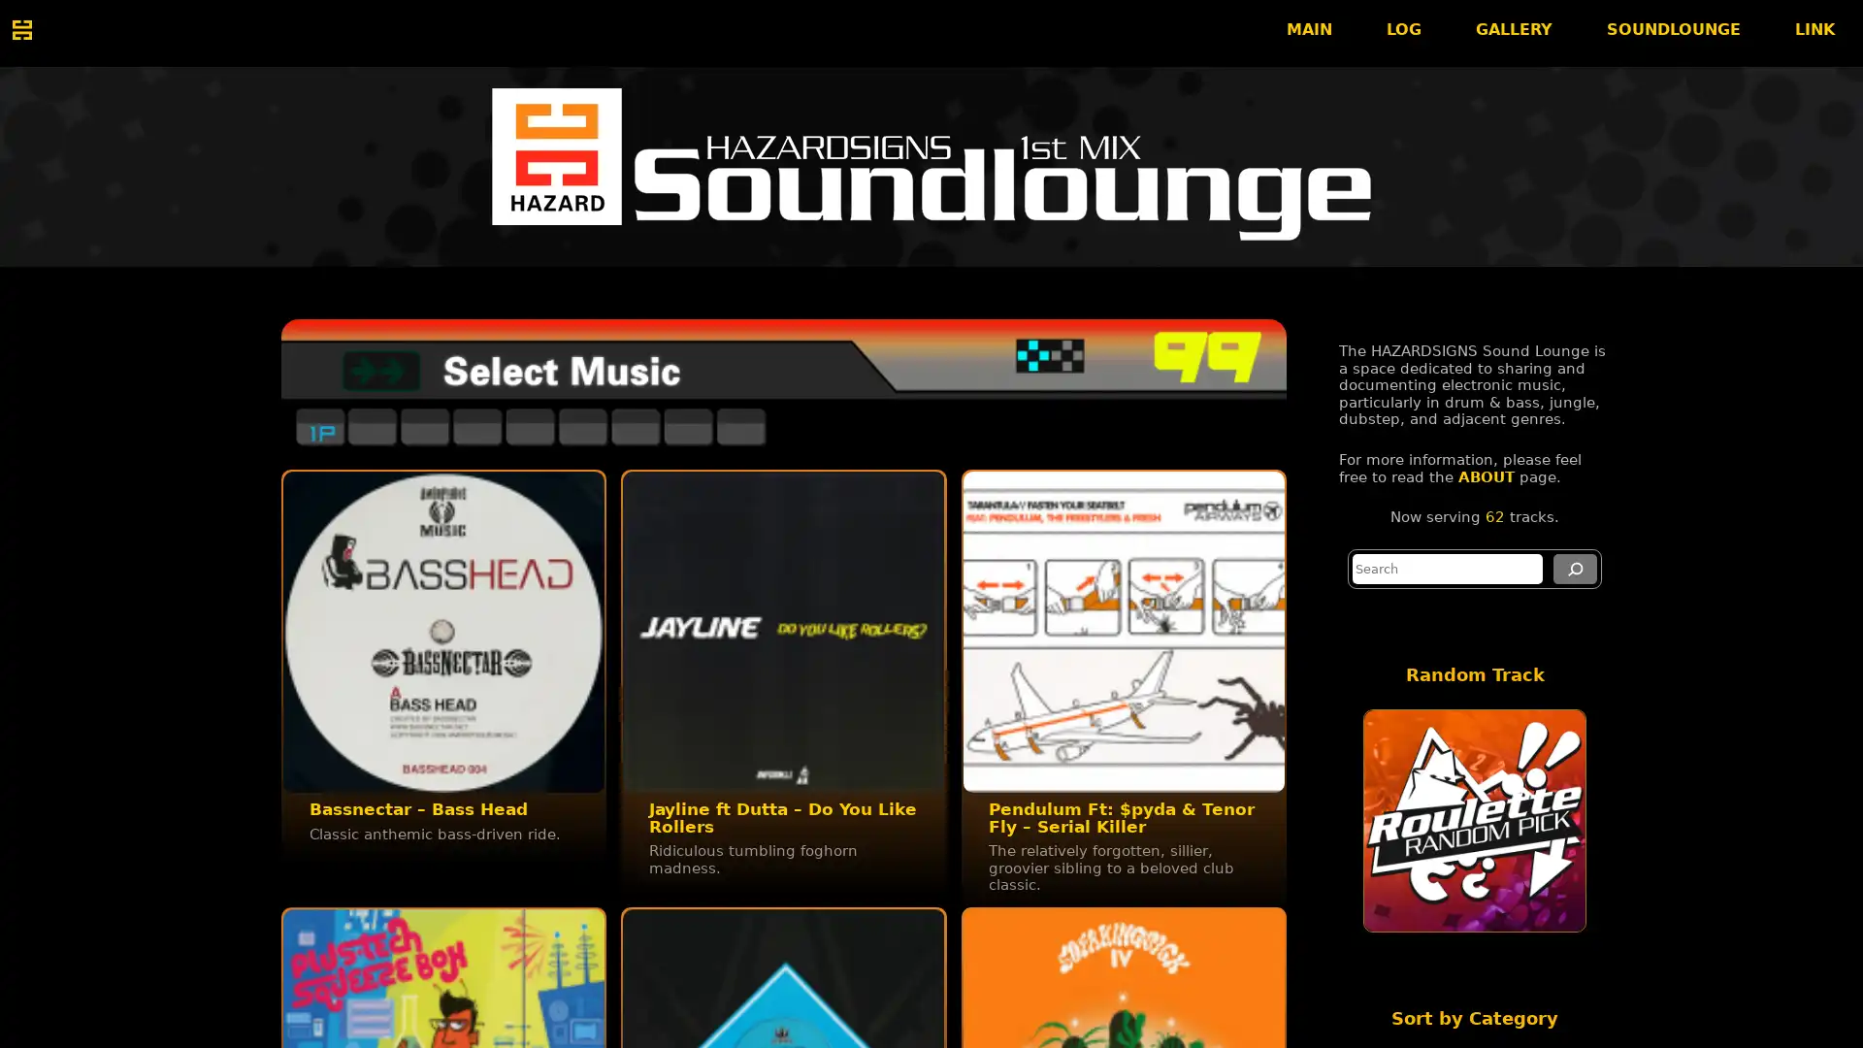 Image resolution: width=1863 pixels, height=1048 pixels. What do you see at coordinates (1575, 568) in the screenshot?
I see `Search` at bounding box center [1575, 568].